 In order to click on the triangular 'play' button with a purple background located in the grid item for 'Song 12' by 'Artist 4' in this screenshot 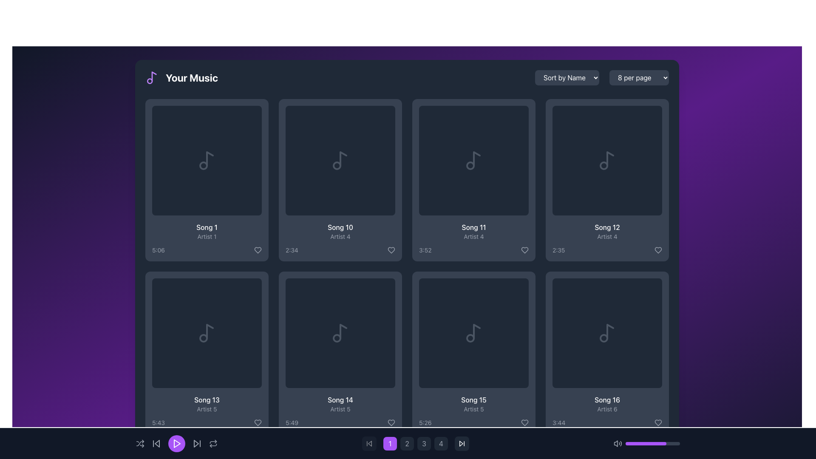, I will do `click(607, 161)`.